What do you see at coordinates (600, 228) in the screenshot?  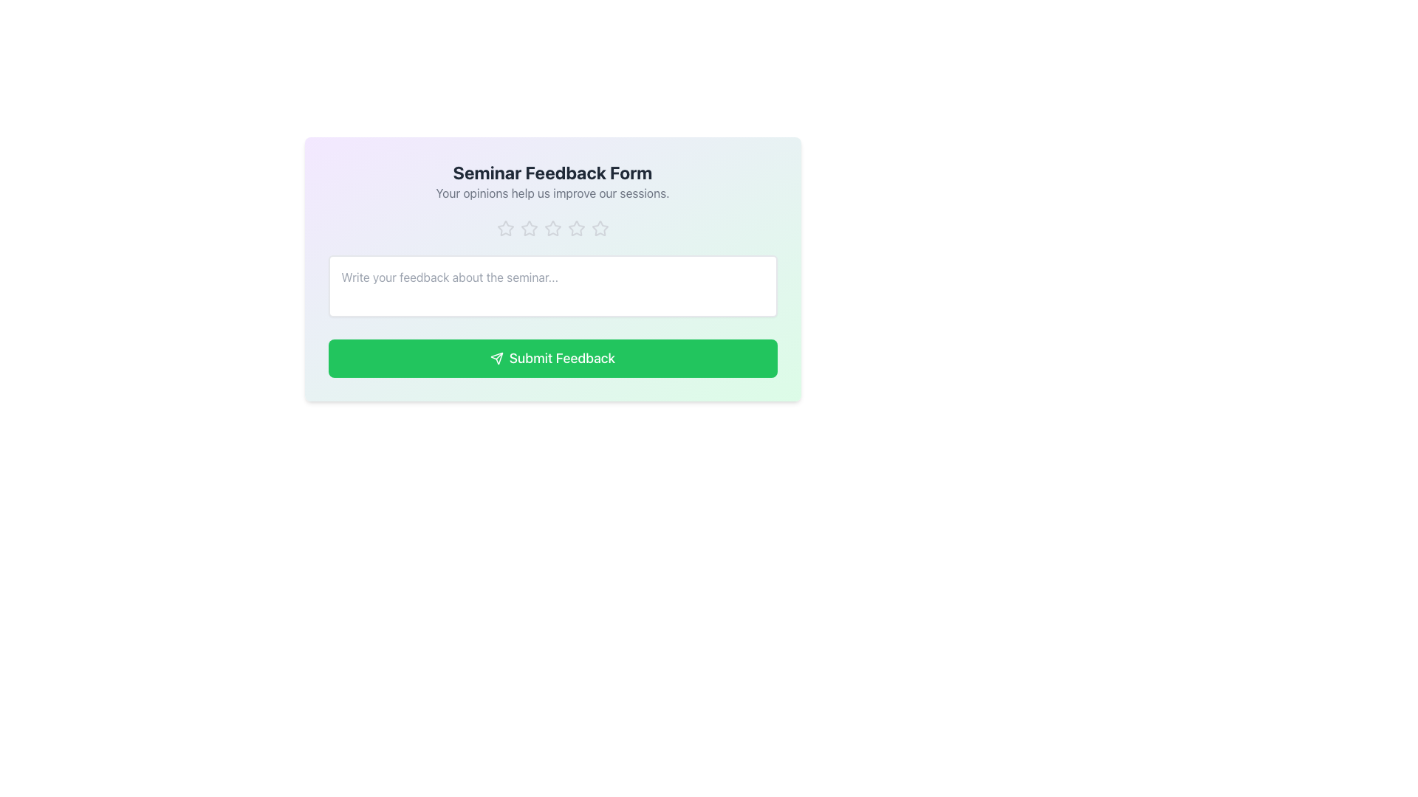 I see `the fifth star icon in the star rating component for keyboard interaction` at bounding box center [600, 228].